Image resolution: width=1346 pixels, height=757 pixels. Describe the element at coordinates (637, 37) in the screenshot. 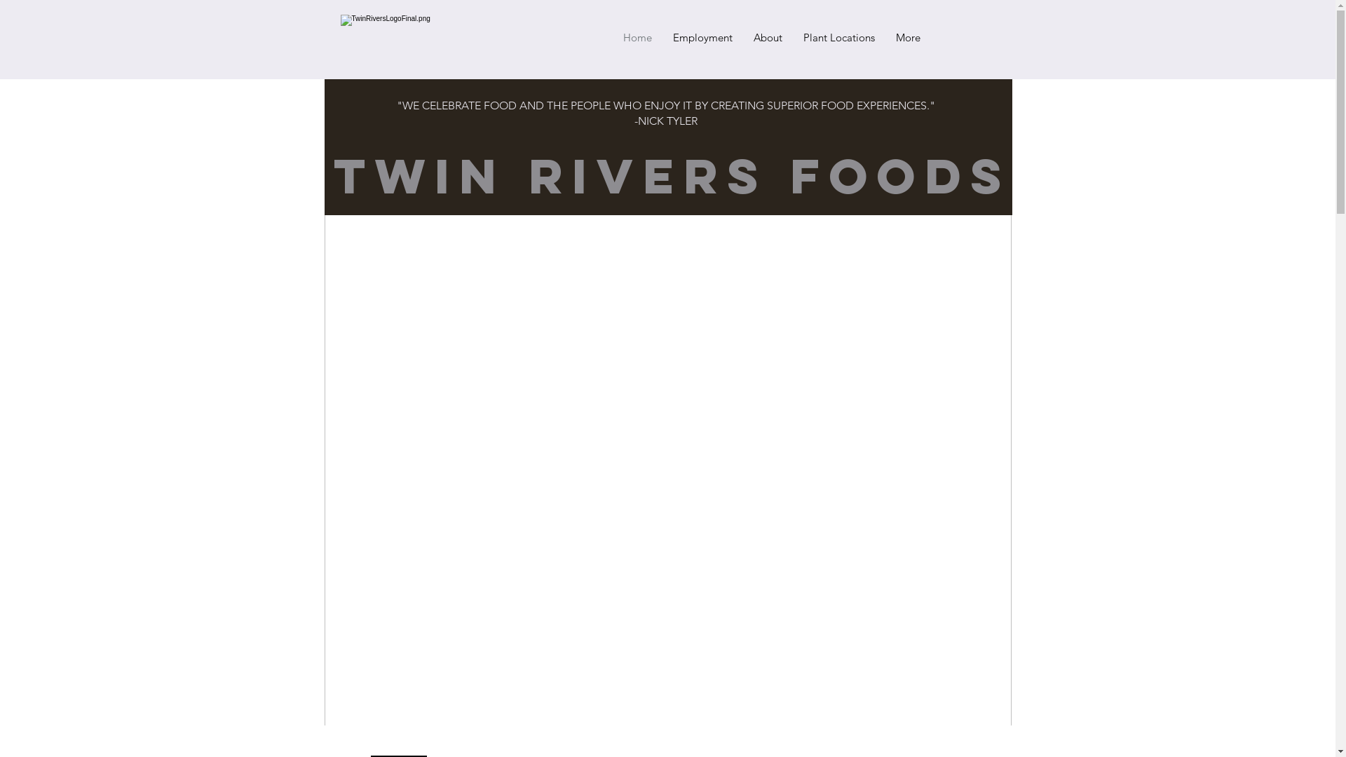

I see `'Home'` at that location.